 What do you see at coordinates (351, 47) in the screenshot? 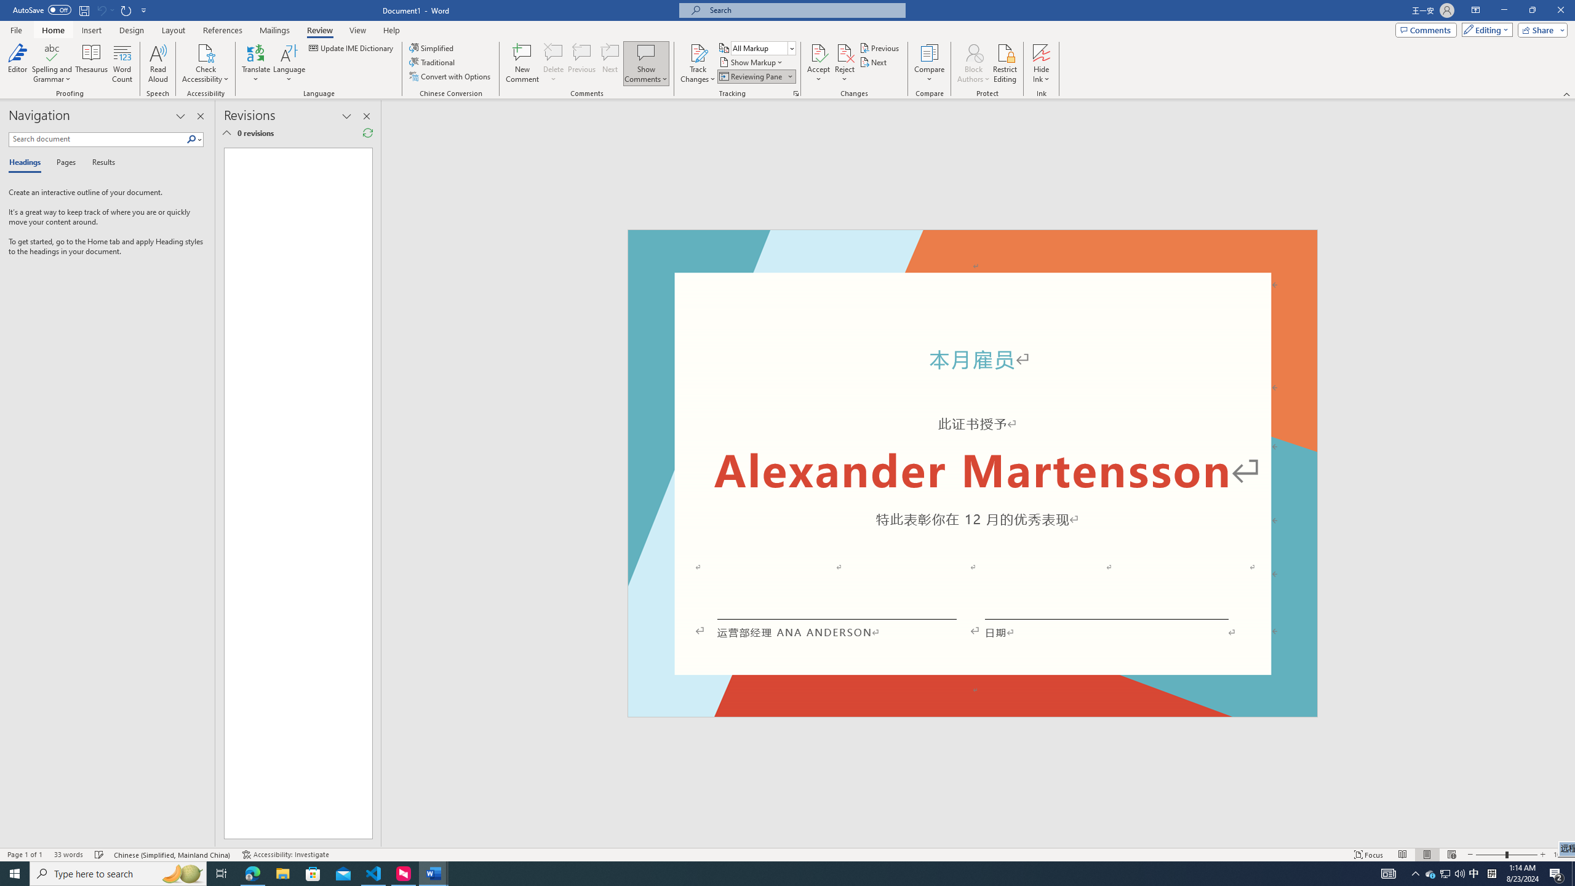
I see `'Update IME Dictionary...'` at bounding box center [351, 47].